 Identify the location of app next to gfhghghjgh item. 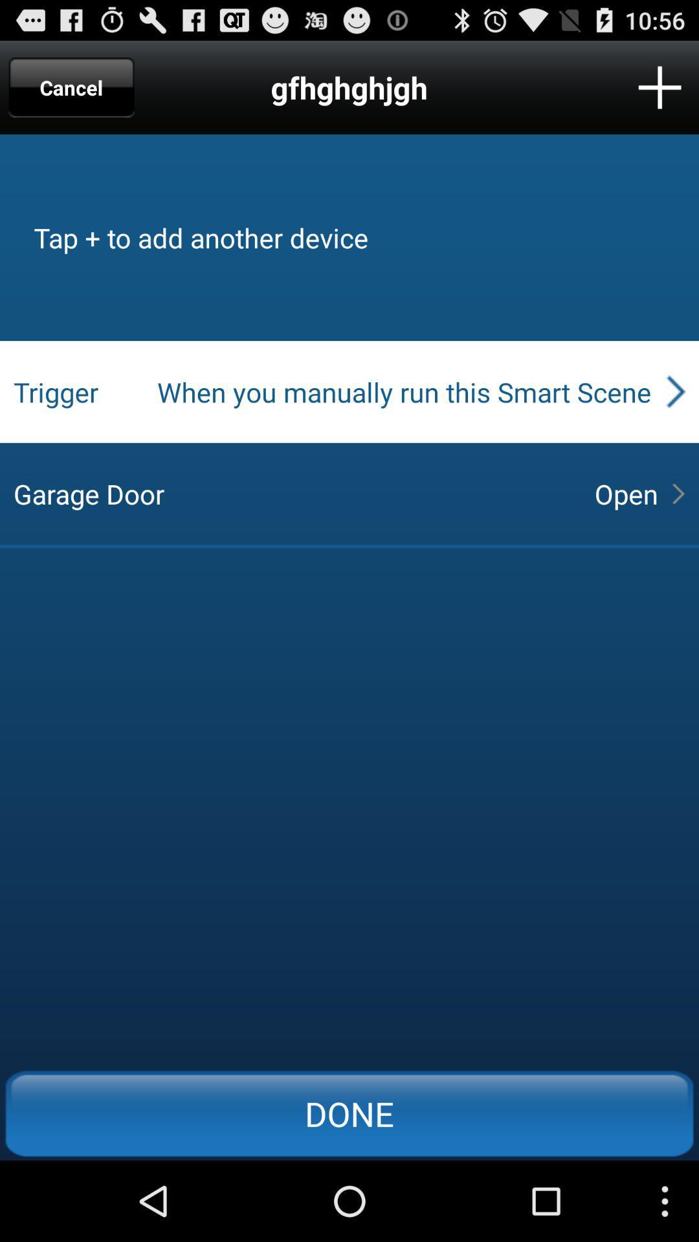
(71, 87).